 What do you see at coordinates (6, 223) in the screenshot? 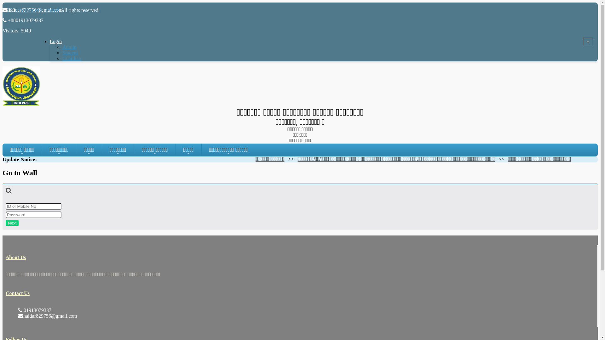
I see `'Next'` at bounding box center [6, 223].